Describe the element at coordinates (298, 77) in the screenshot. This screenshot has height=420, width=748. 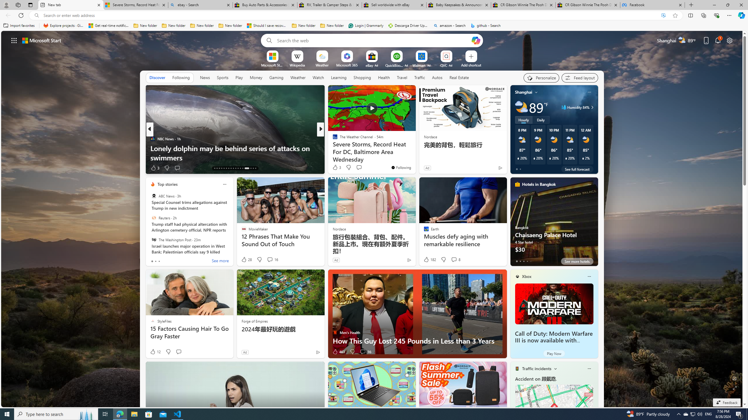
I see `'Weather'` at that location.